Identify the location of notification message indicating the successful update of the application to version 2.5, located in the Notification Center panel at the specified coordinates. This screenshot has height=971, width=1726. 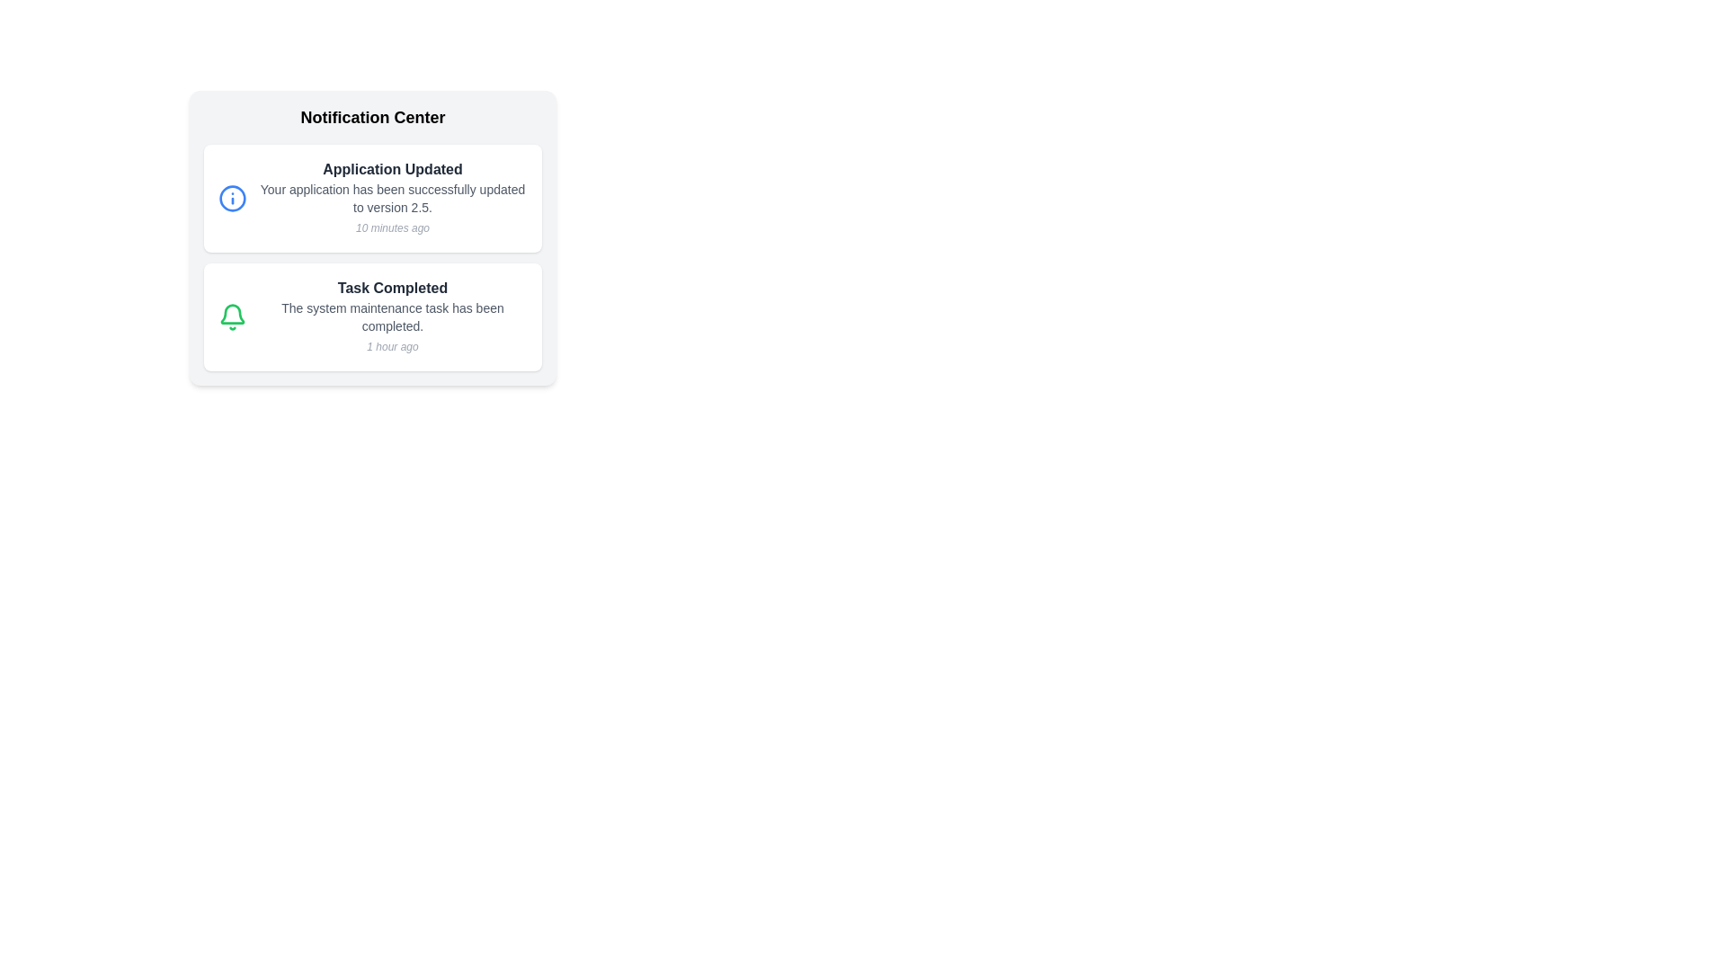
(391, 198).